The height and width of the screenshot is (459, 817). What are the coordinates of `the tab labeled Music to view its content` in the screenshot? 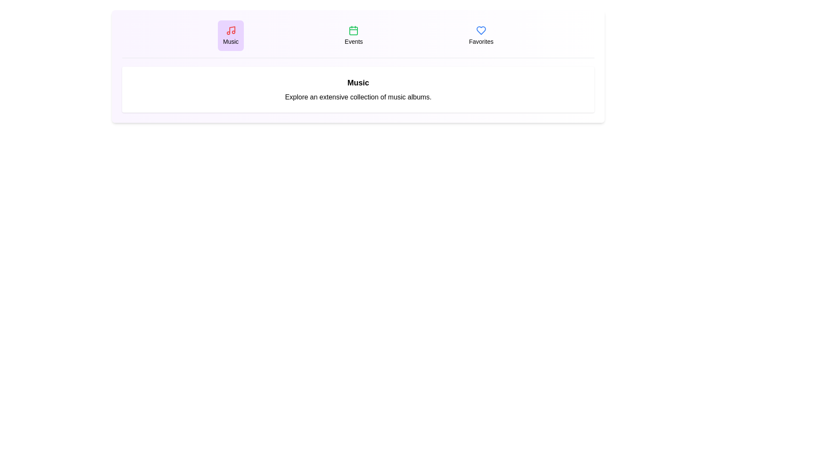 It's located at (231, 35).